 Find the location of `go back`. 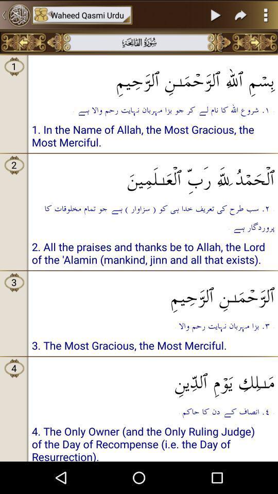

go back is located at coordinates (15, 14).